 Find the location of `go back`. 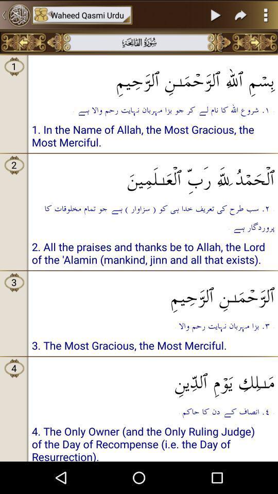

go back is located at coordinates (15, 14).